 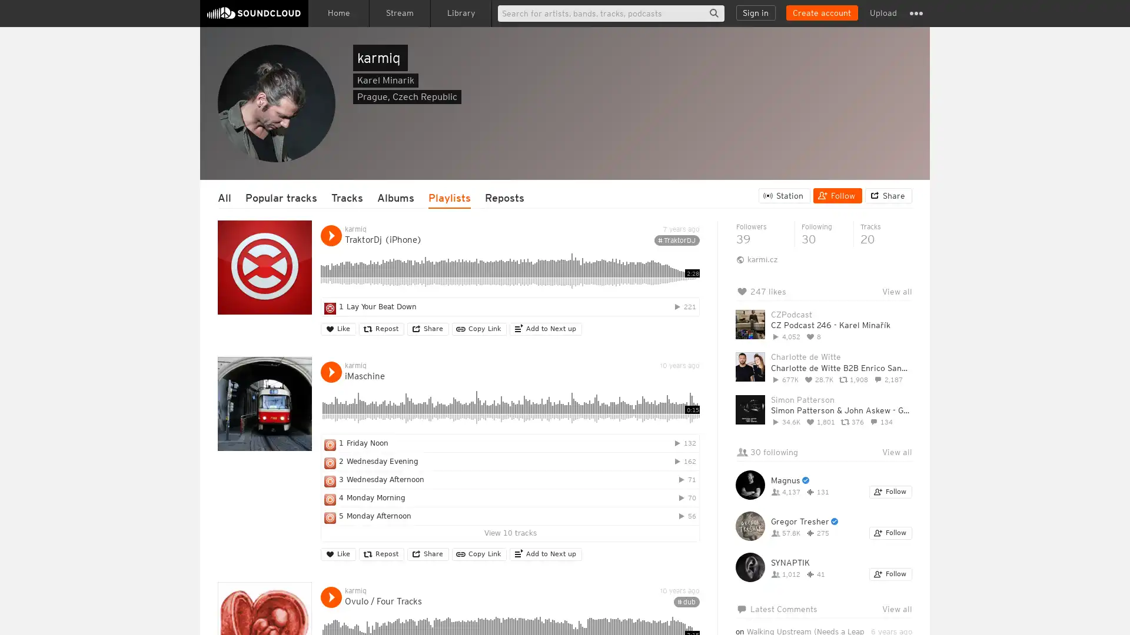 I want to click on Follow, so click(x=890, y=573).